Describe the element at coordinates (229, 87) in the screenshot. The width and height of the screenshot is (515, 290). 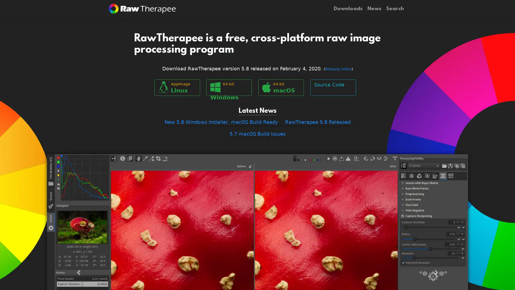
I see `64-bit Windows` at that location.